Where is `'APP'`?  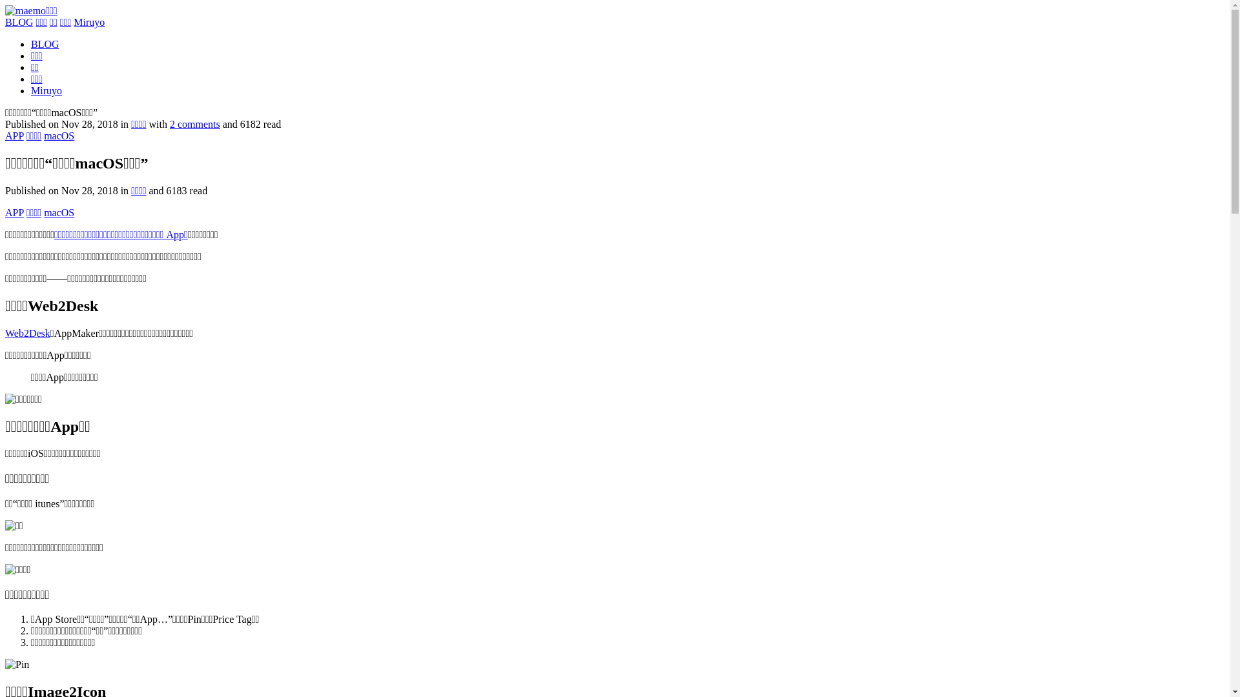
'APP' is located at coordinates (14, 212).